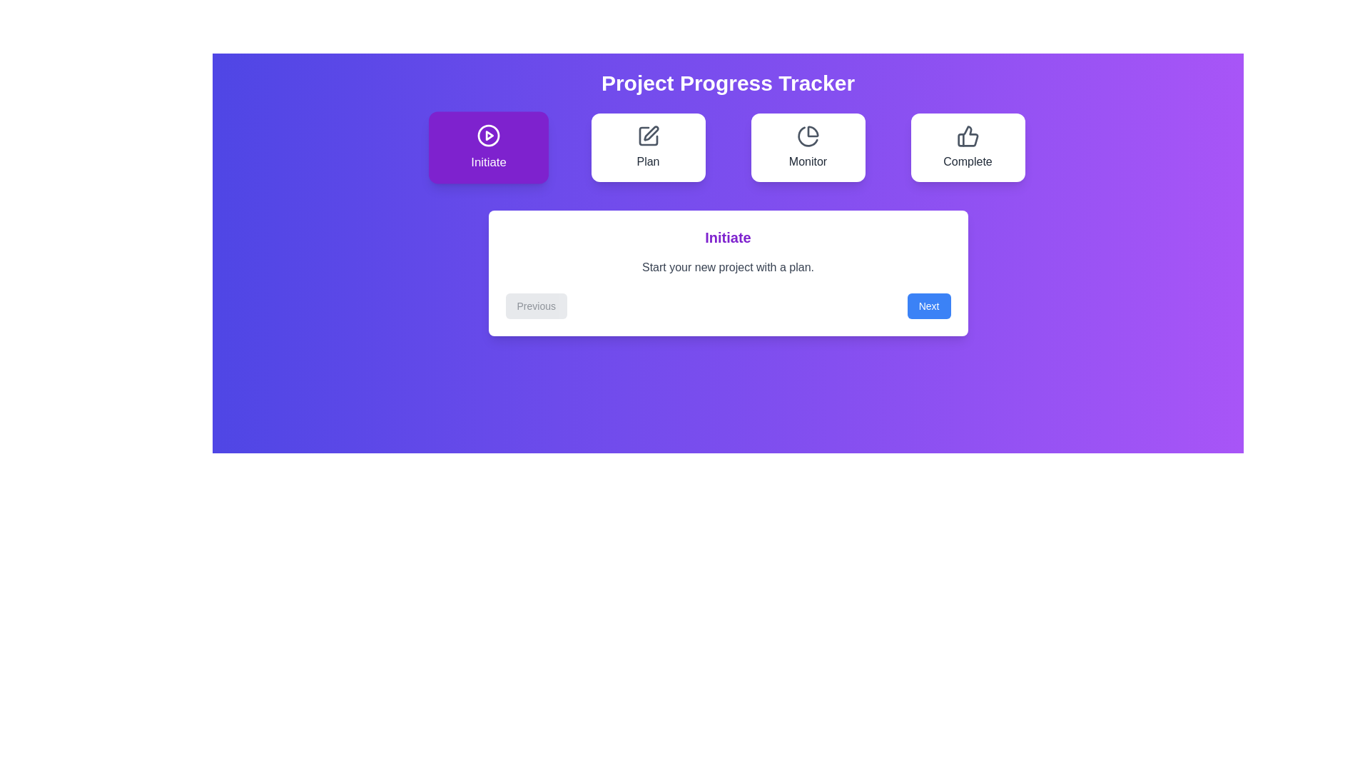  I want to click on the step Initiate in the progress tracker, so click(488, 148).